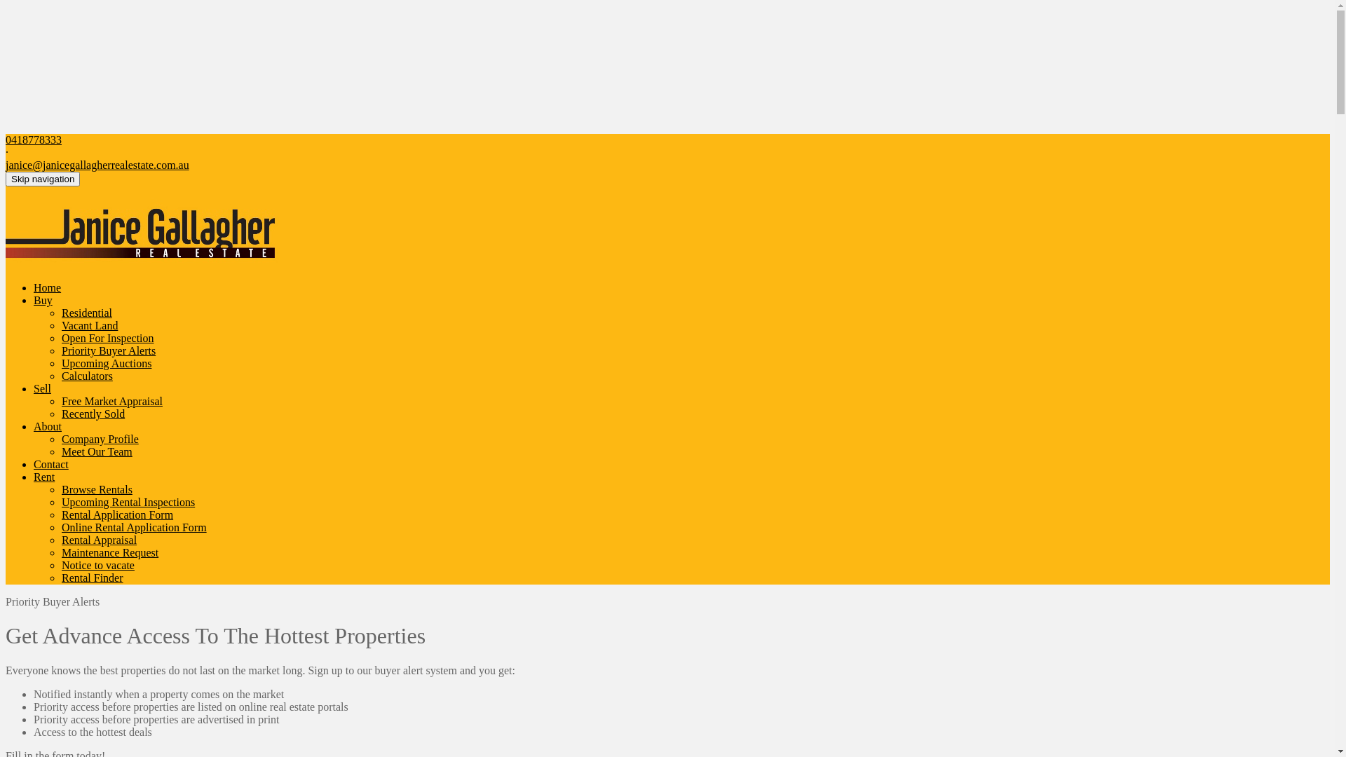 The image size is (1346, 757). What do you see at coordinates (34, 464) in the screenshot?
I see `'Contact'` at bounding box center [34, 464].